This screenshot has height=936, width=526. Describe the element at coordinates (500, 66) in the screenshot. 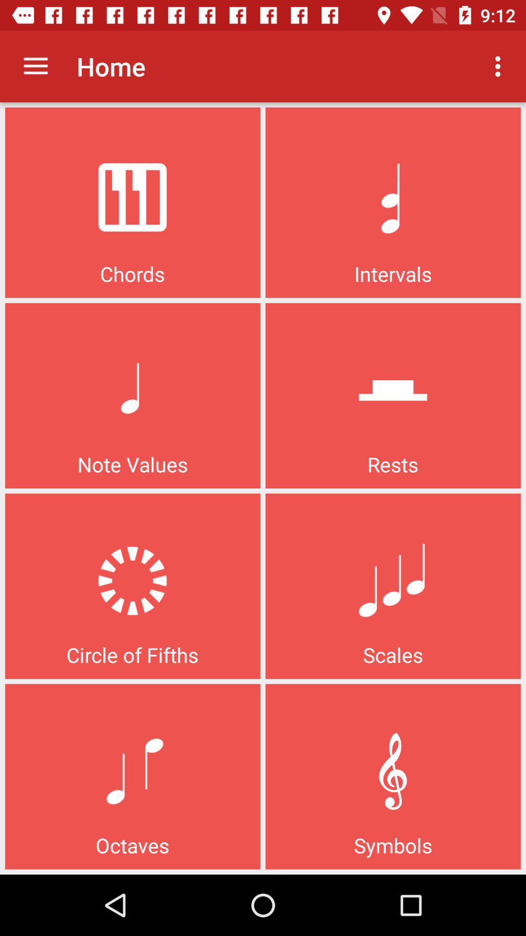

I see `the item to the right of the home app` at that location.